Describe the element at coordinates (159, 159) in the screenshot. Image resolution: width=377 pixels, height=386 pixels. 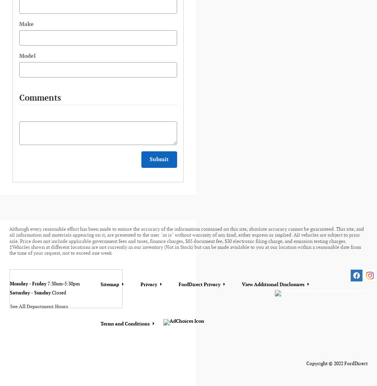
I see `'Submit'` at that location.